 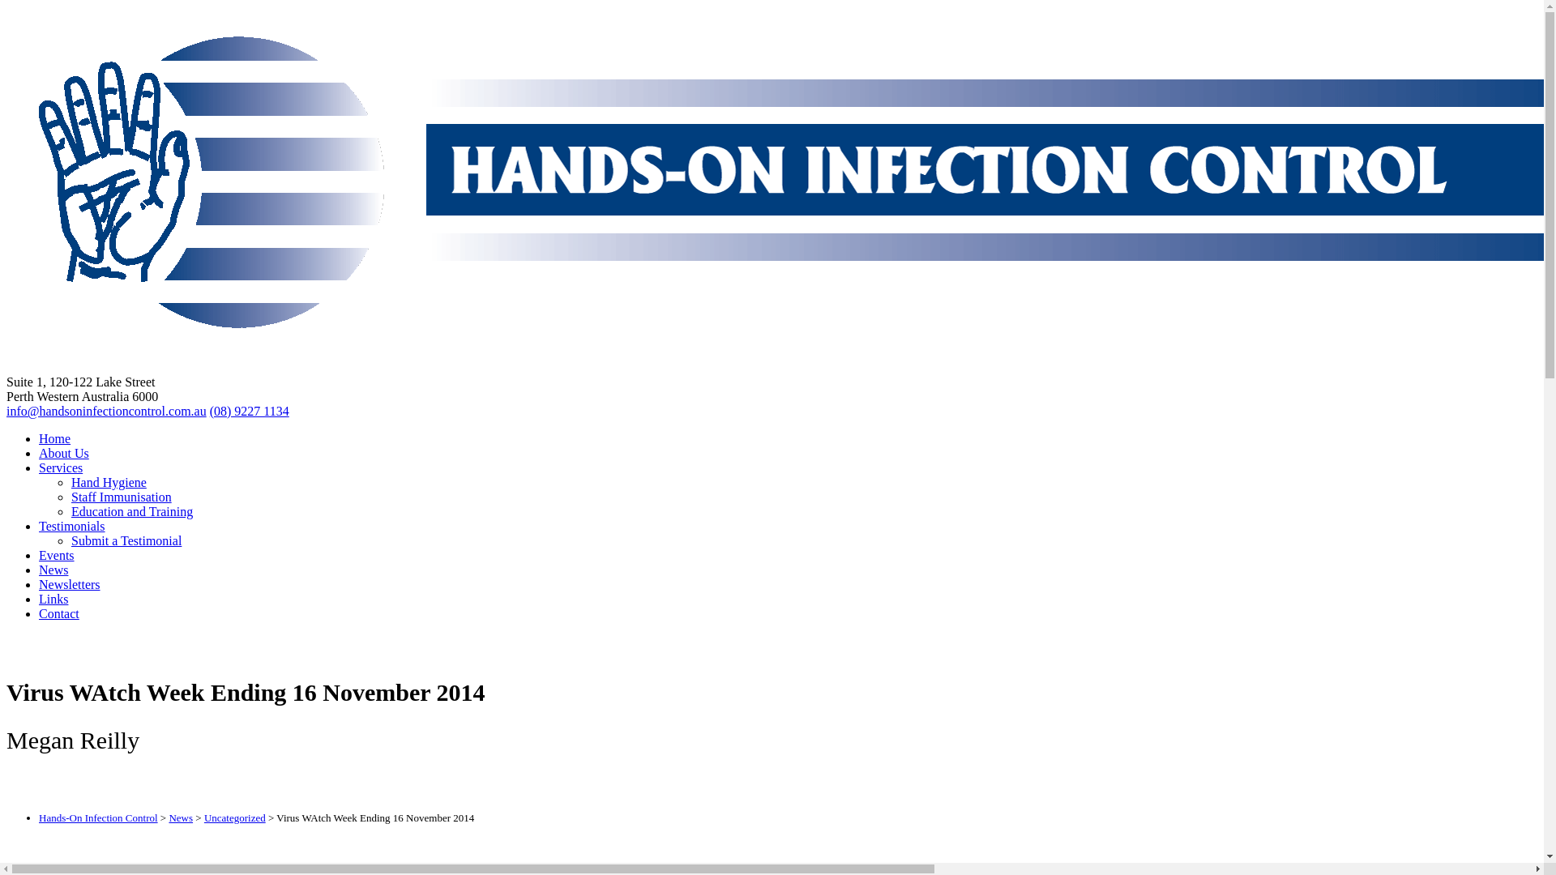 I want to click on 'Contact', so click(x=58, y=613).